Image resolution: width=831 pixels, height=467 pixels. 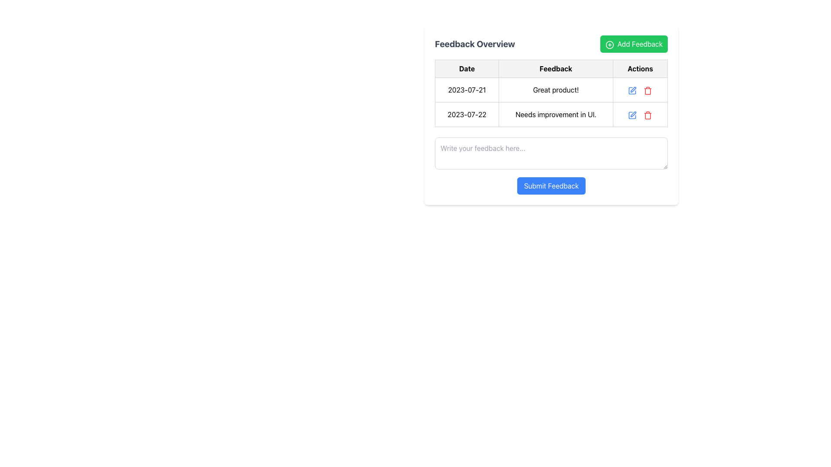 What do you see at coordinates (640, 68) in the screenshot?
I see `the 'Actions' header text label in the grid, which is located in the top row of the third column and serves as the header for action controls` at bounding box center [640, 68].